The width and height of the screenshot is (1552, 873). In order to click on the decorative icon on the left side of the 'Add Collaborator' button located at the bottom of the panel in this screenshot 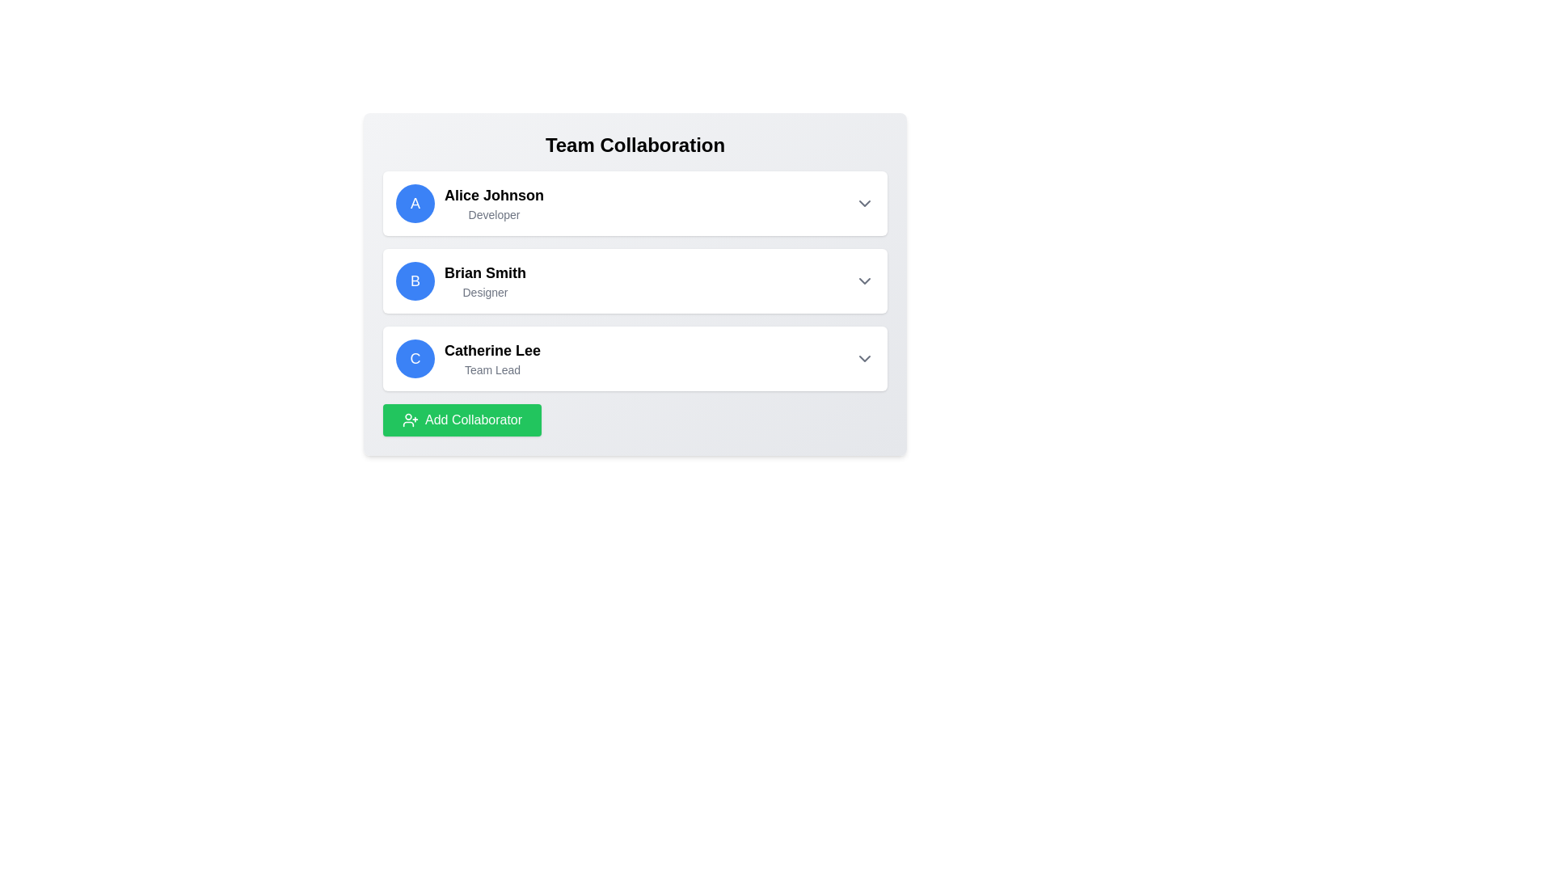, I will do `click(411, 420)`.